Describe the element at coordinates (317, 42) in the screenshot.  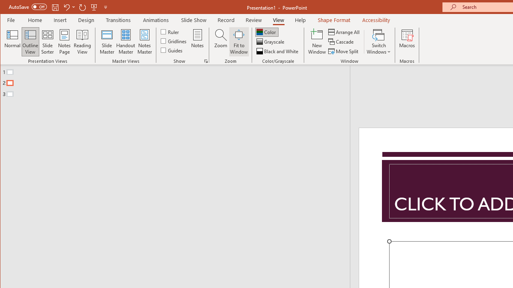
I see `'New Window'` at that location.